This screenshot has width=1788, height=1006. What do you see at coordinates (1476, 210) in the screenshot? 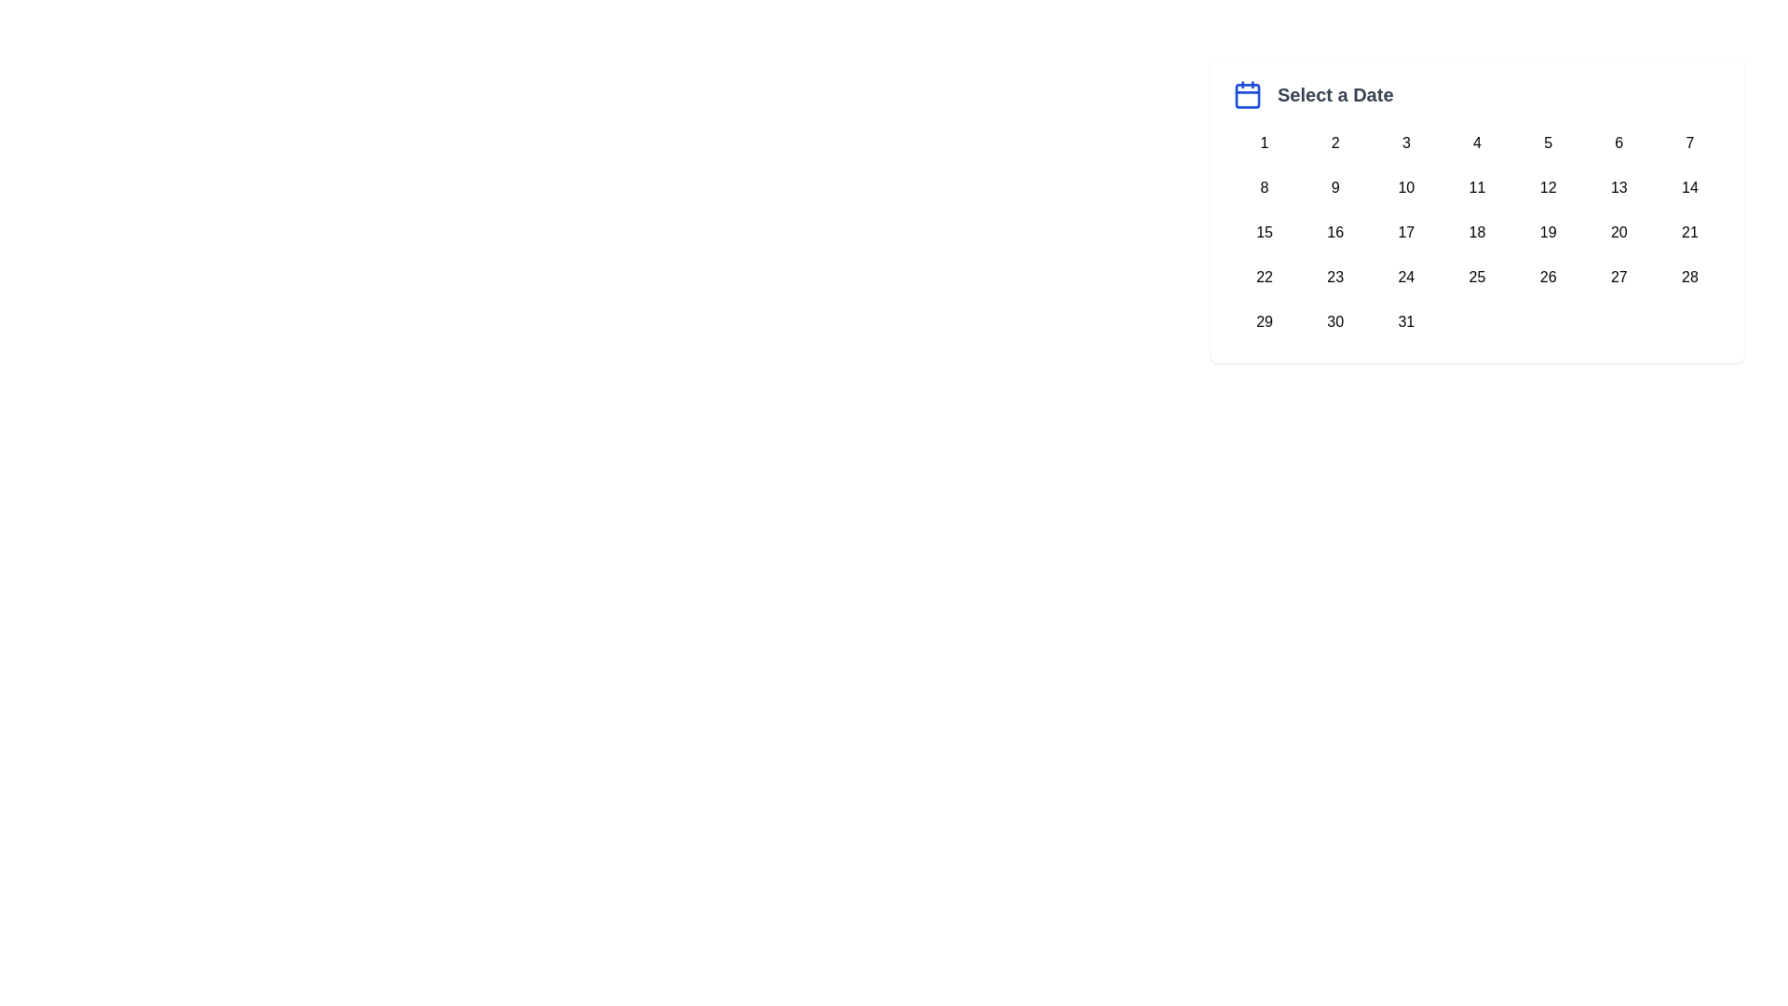
I see `a specific date from the Modal Calendar Component, which has a white background and displays a grid of days below the 'Select a Date' header` at bounding box center [1476, 210].